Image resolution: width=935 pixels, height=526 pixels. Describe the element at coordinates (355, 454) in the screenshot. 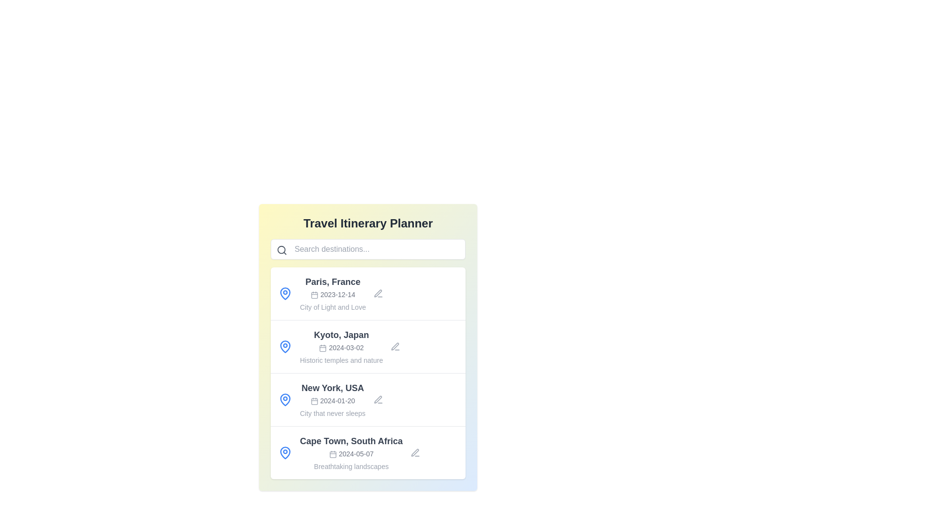

I see `the text label displaying the date for the travel destination 'Cape Town, South Africa', which is located to the right of the calendar icon and above a descriptive text line` at that location.